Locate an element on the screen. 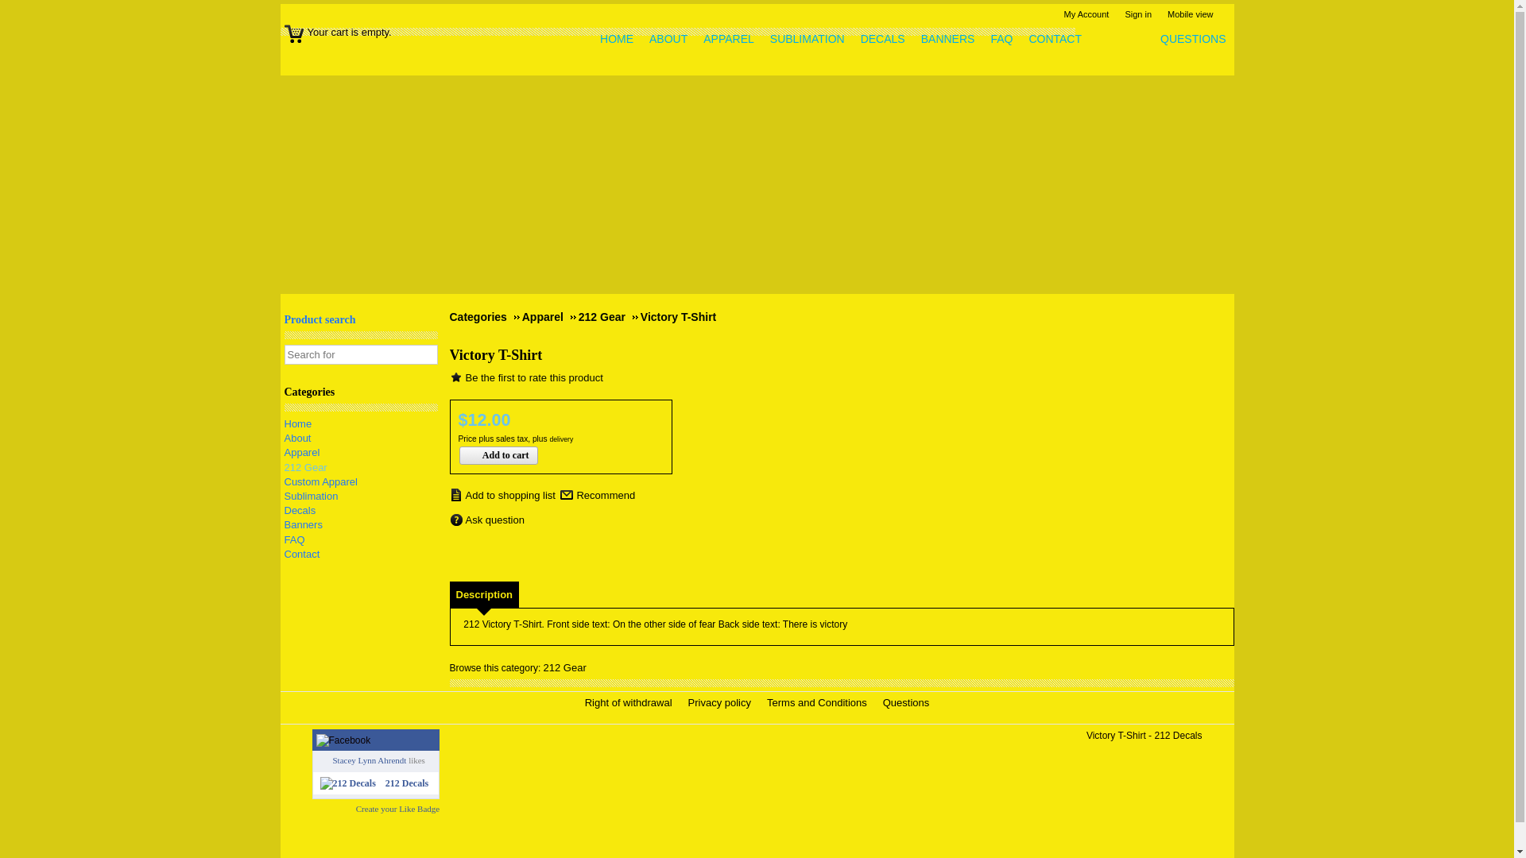 The image size is (1526, 858). 'Mobile view' is located at coordinates (1194, 14).